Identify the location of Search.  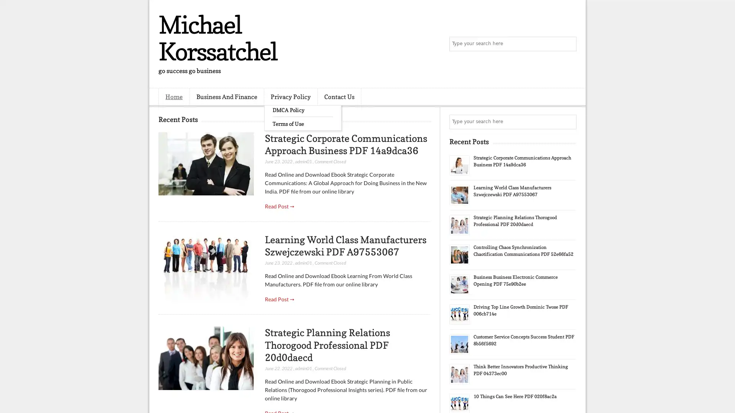
(568, 44).